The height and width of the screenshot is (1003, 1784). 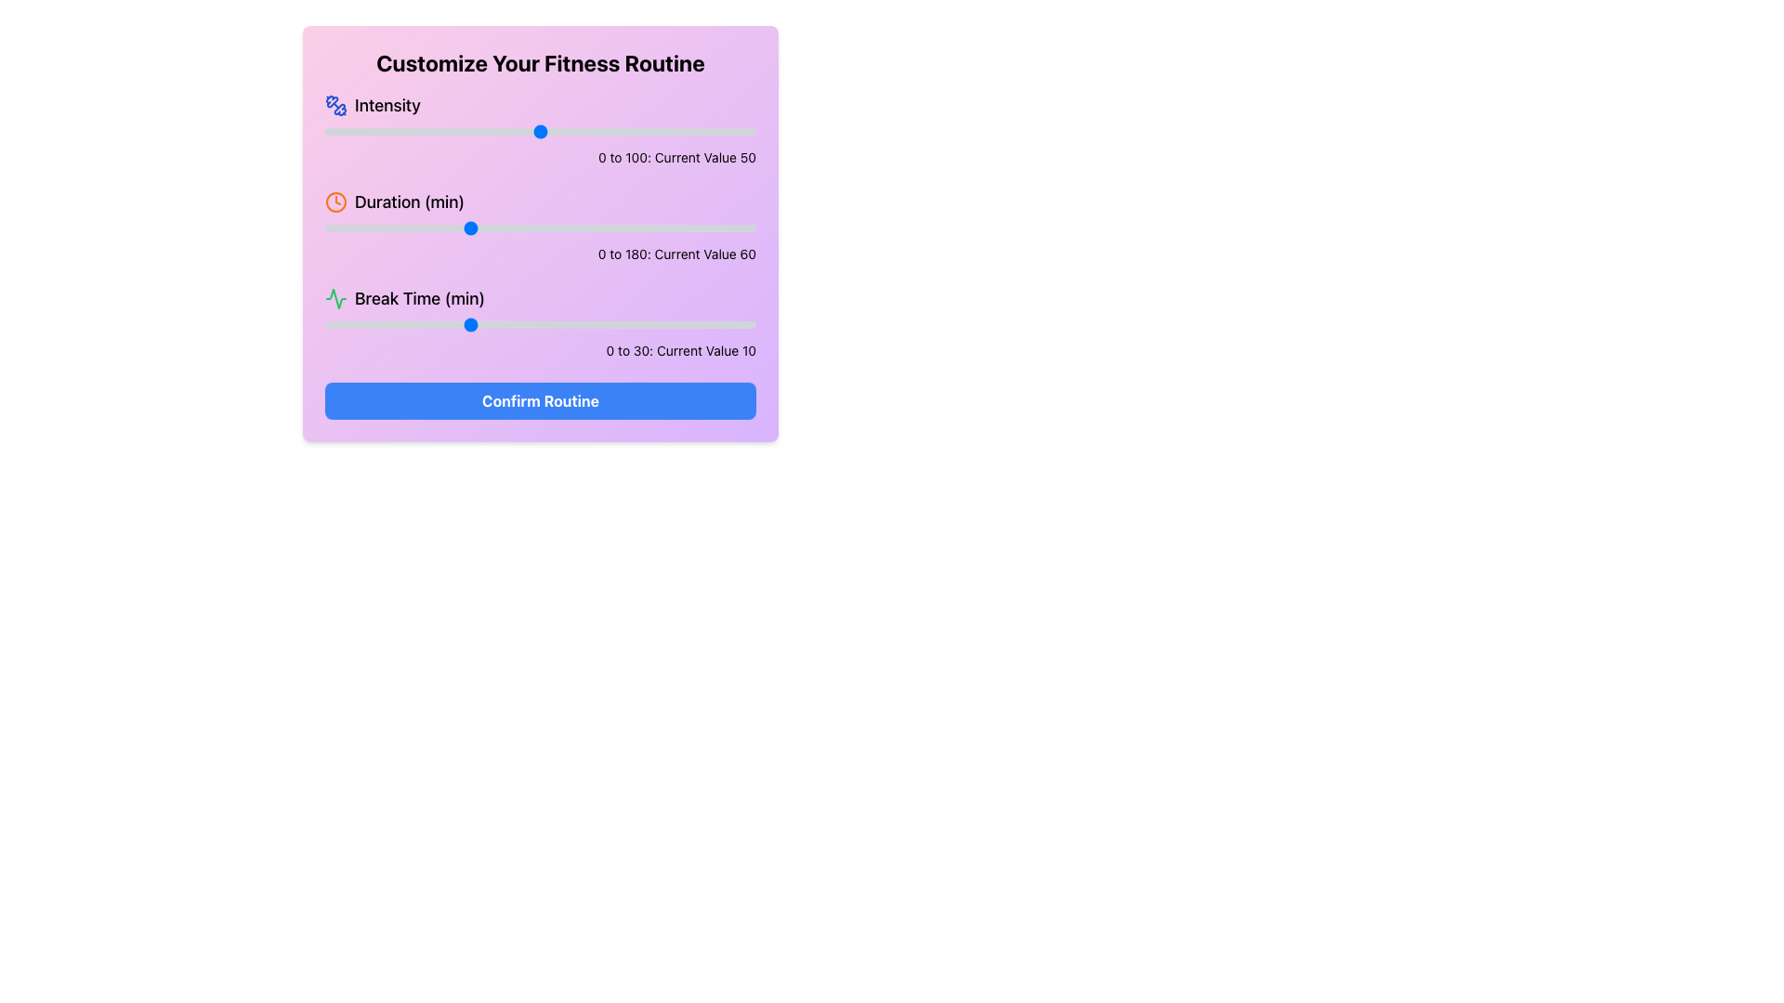 I want to click on the intensity, so click(x=561, y=131).